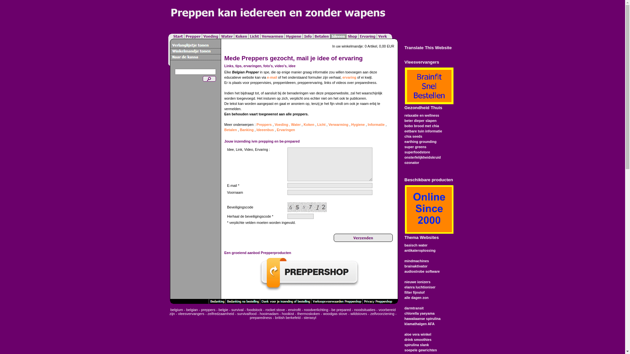  Describe the element at coordinates (417, 282) in the screenshot. I see `'nieuwe ionizers'` at that location.